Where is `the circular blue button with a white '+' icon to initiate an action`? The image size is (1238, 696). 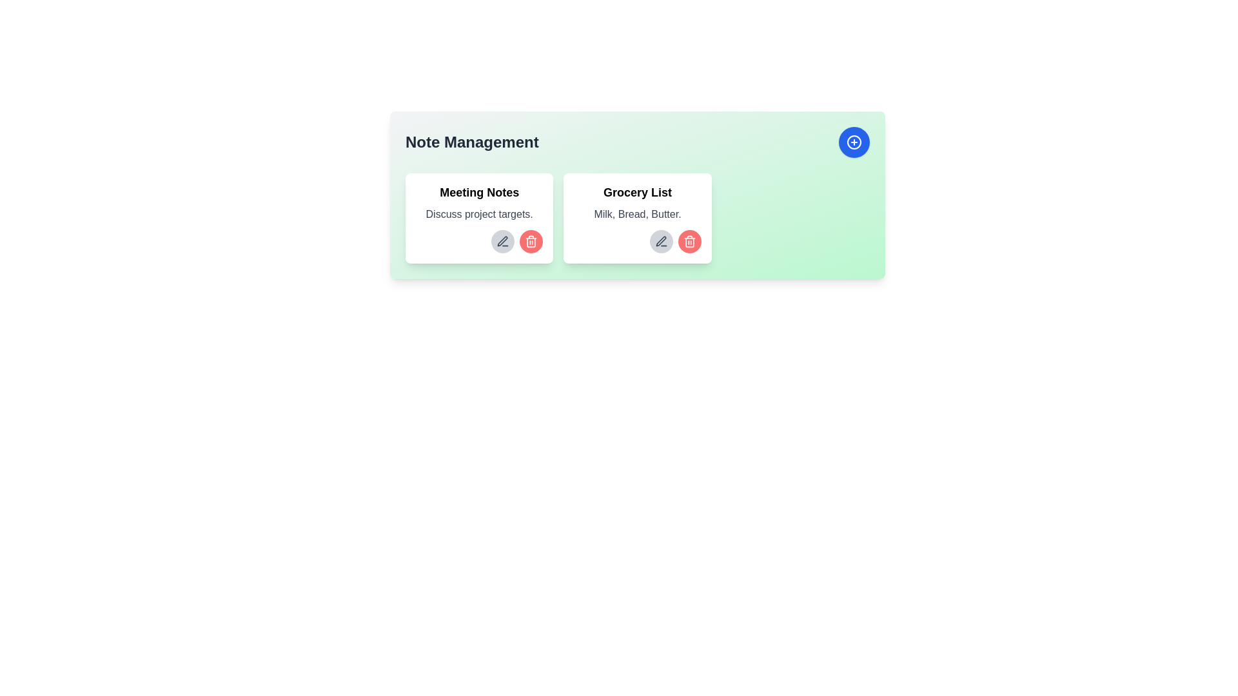 the circular blue button with a white '+' icon to initiate an action is located at coordinates (854, 142).